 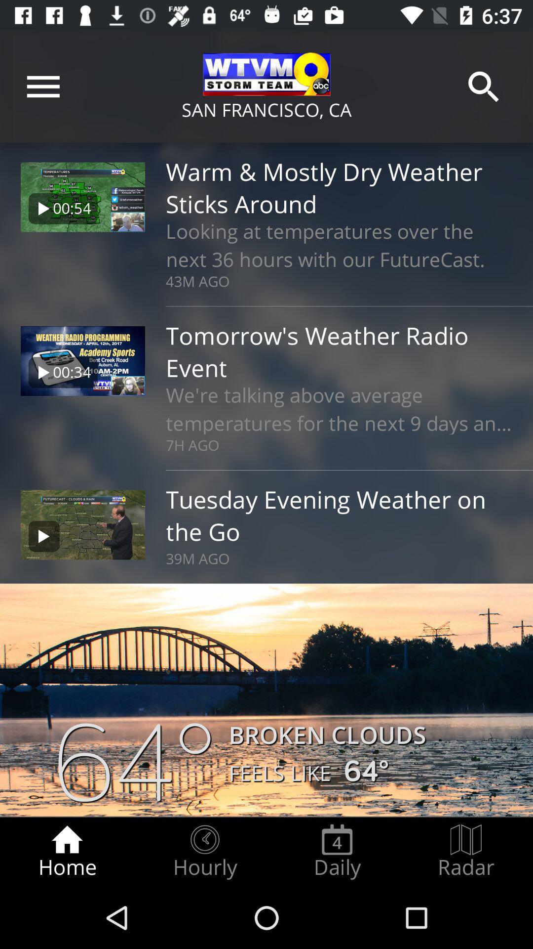 What do you see at coordinates (337, 851) in the screenshot?
I see `icon to the right of the hourly item` at bounding box center [337, 851].